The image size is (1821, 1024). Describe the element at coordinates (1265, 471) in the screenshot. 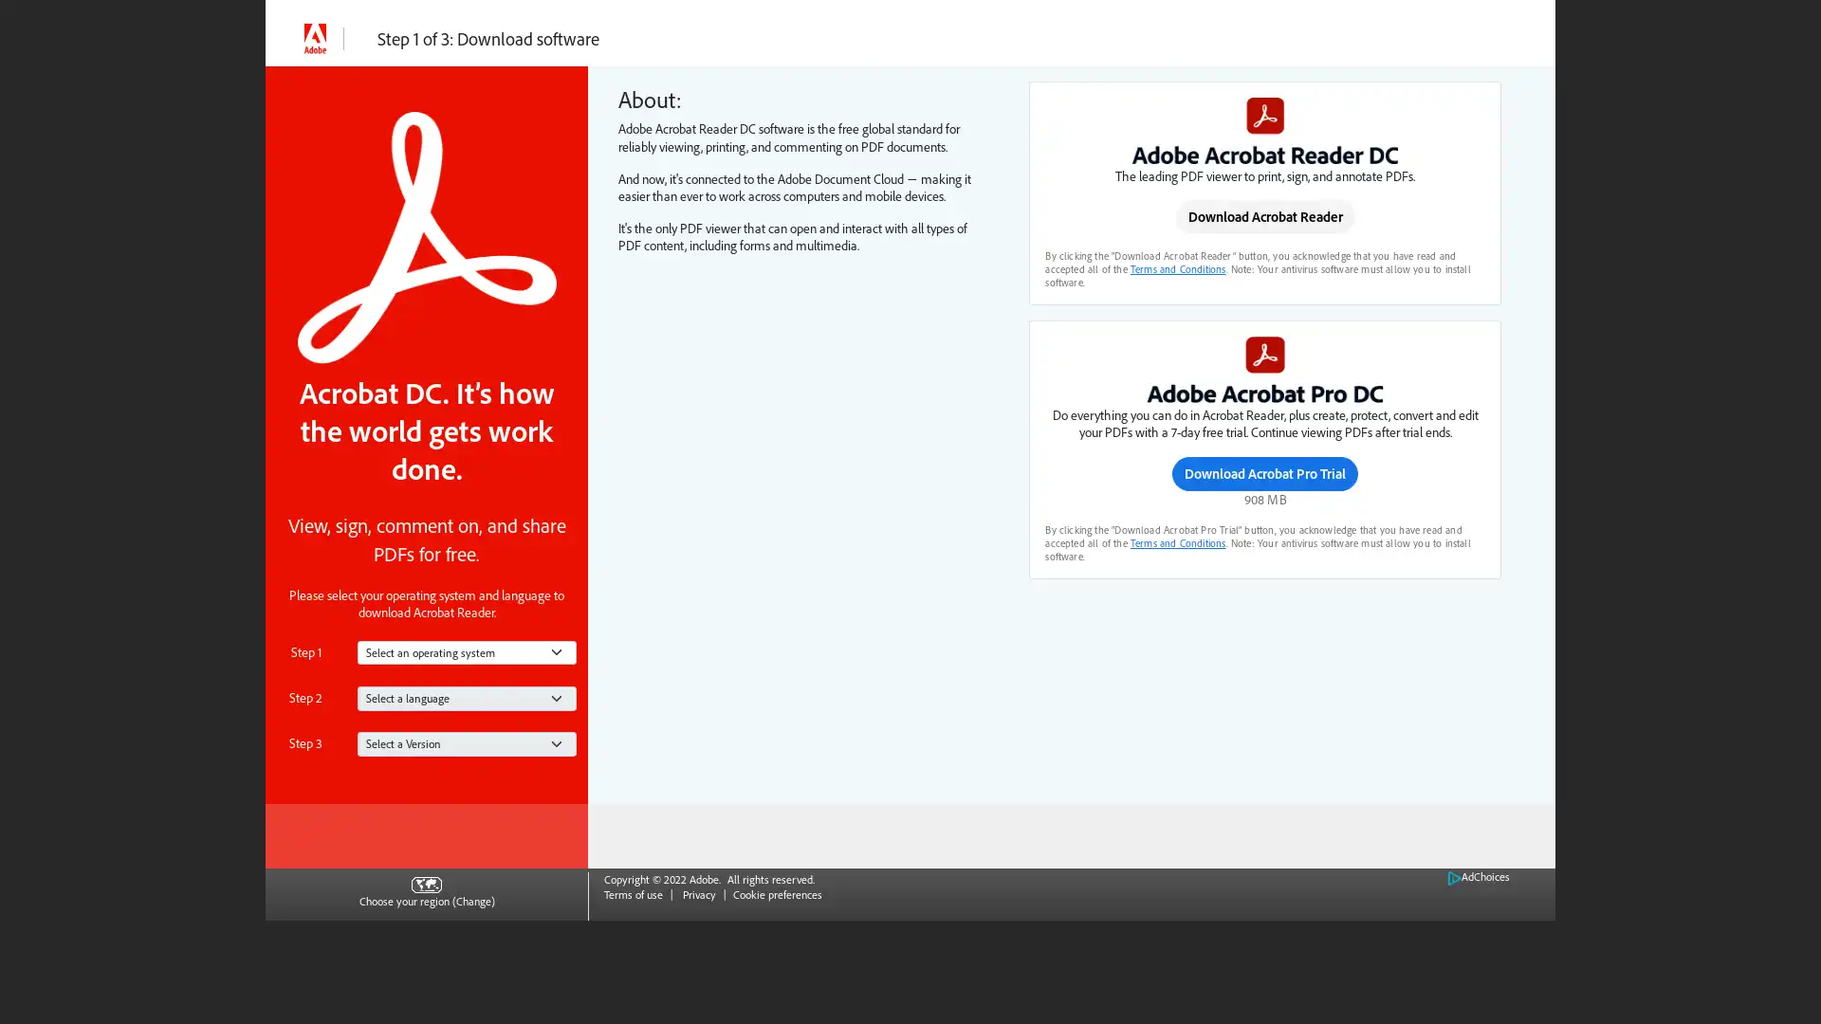

I see `Download Acrobat Pro Trial` at that location.